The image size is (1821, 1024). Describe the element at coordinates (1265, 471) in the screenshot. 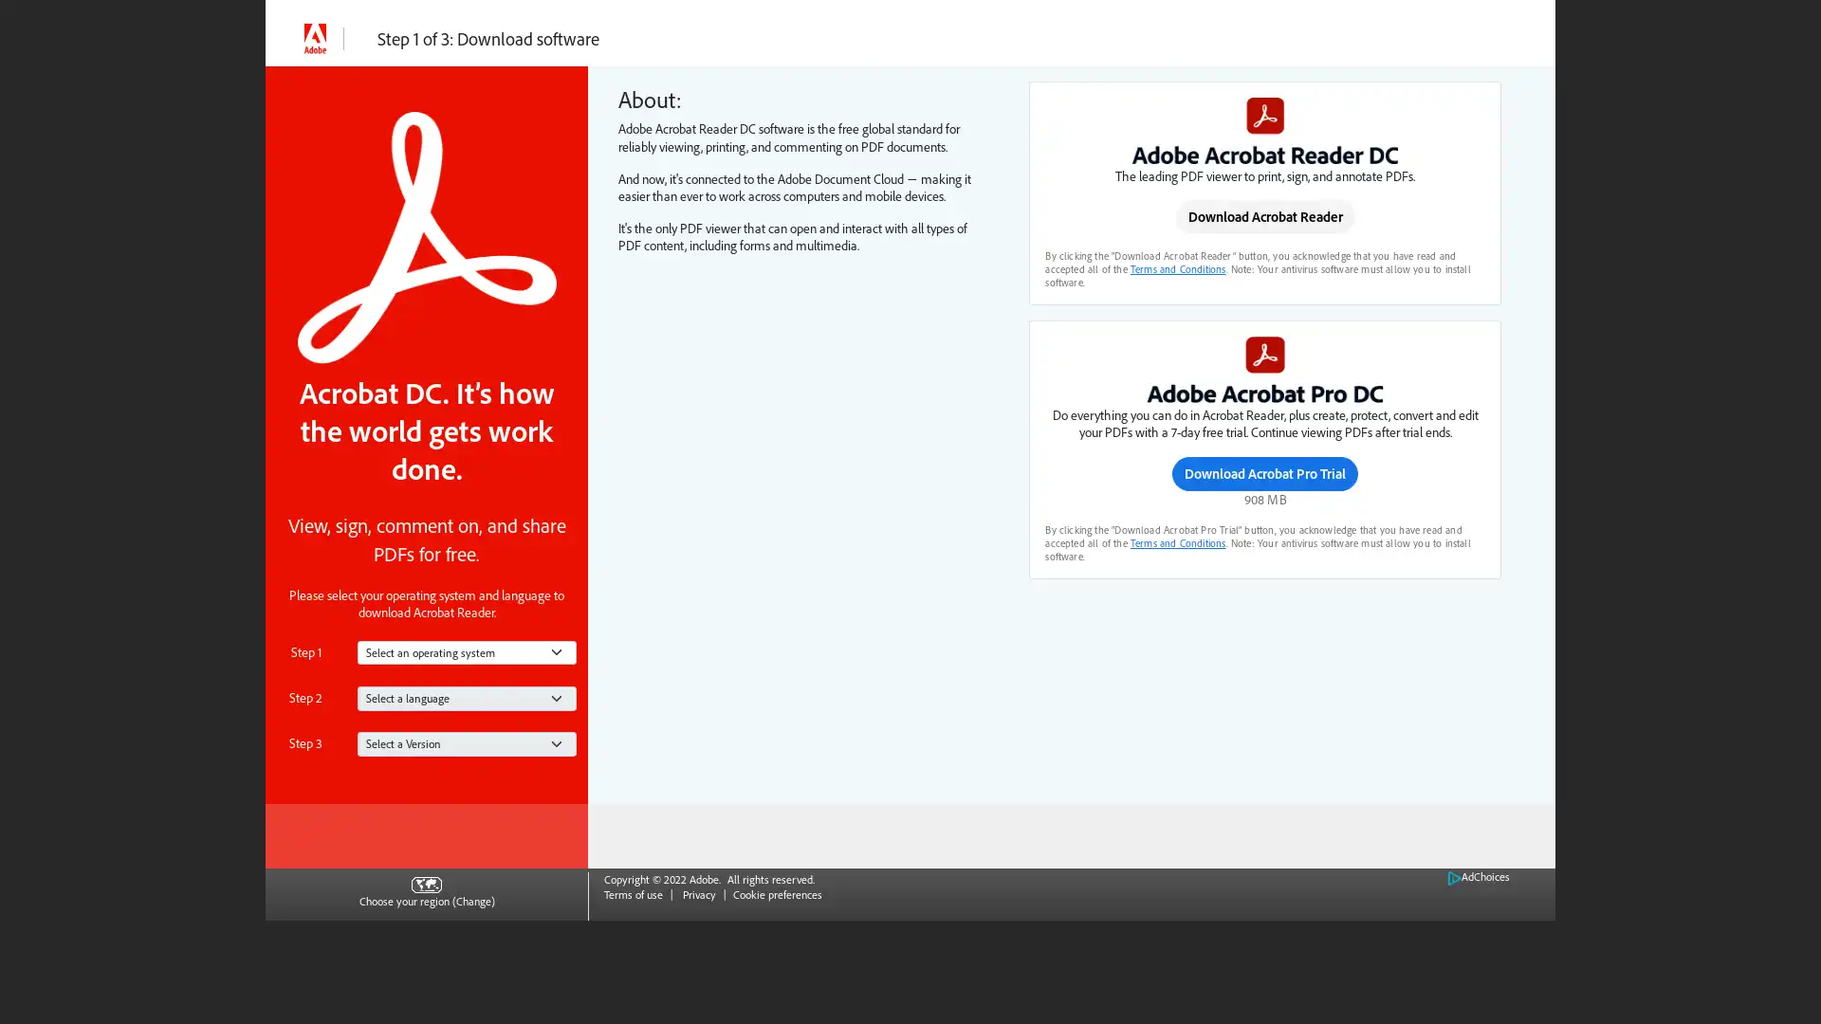

I see `Download Acrobat Pro Trial` at that location.